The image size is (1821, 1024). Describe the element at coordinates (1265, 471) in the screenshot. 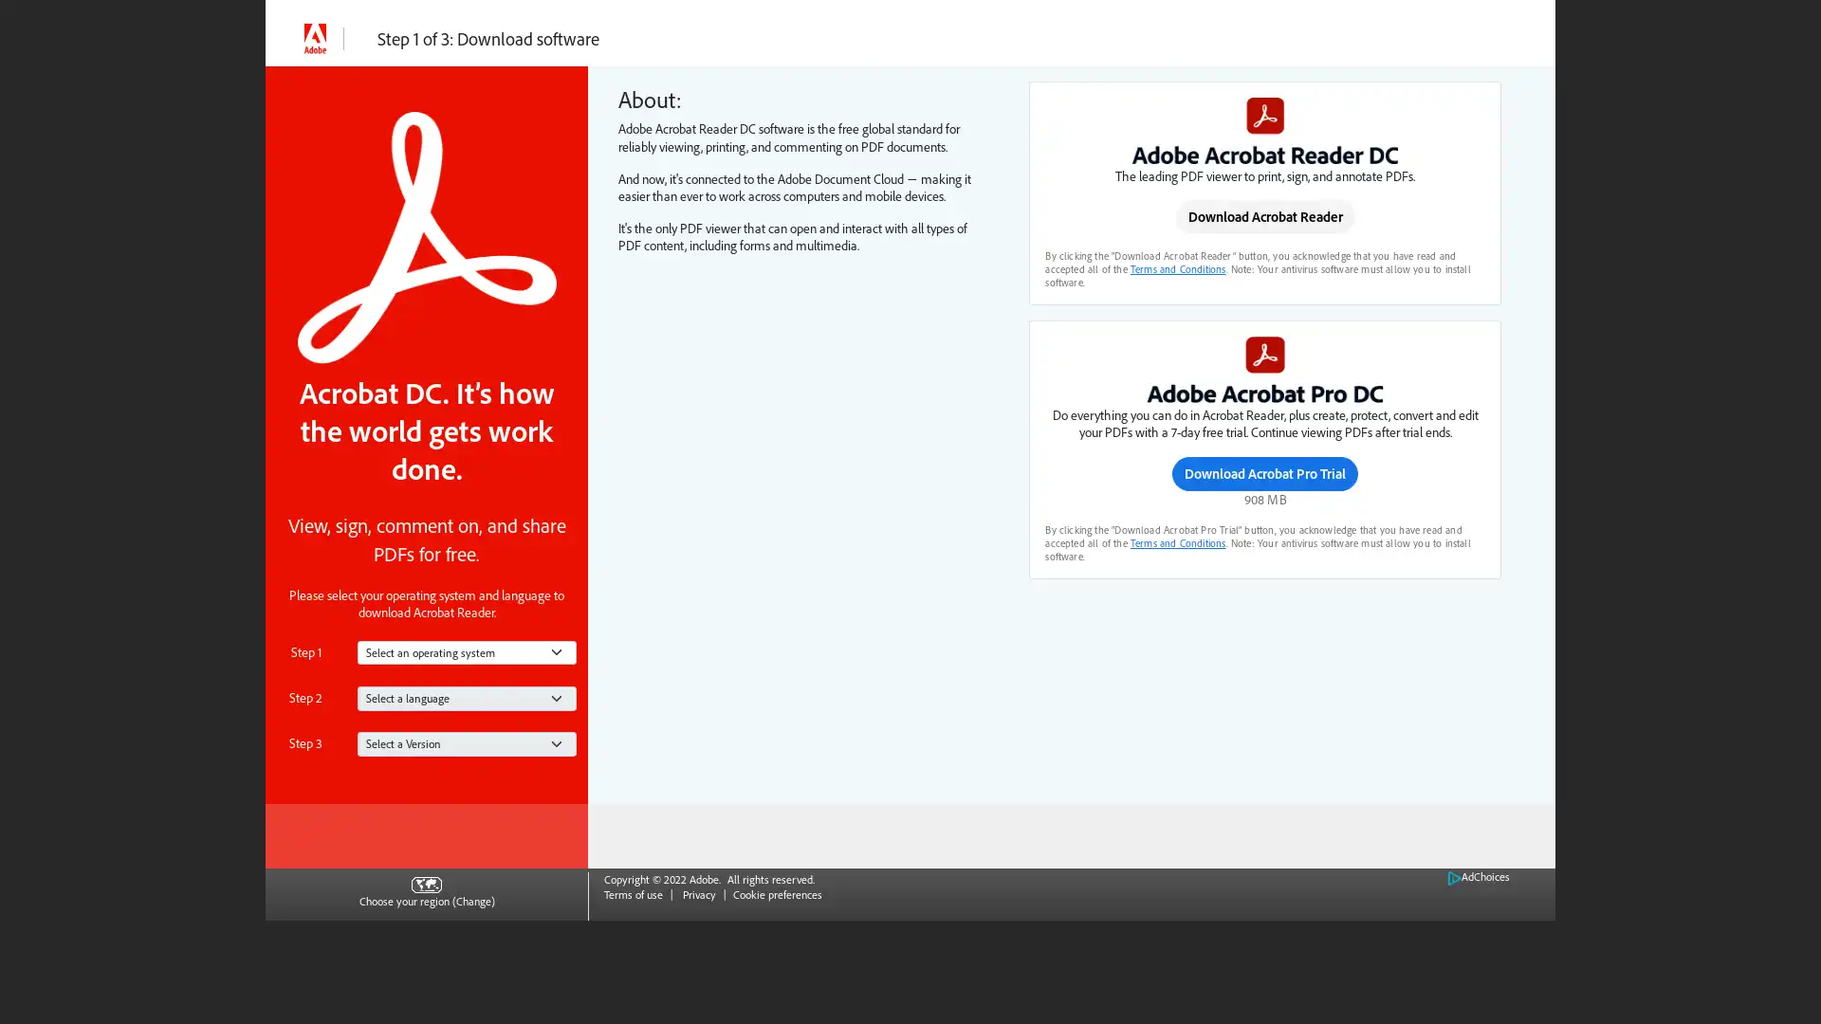

I see `Download Acrobat Pro Trial` at that location.